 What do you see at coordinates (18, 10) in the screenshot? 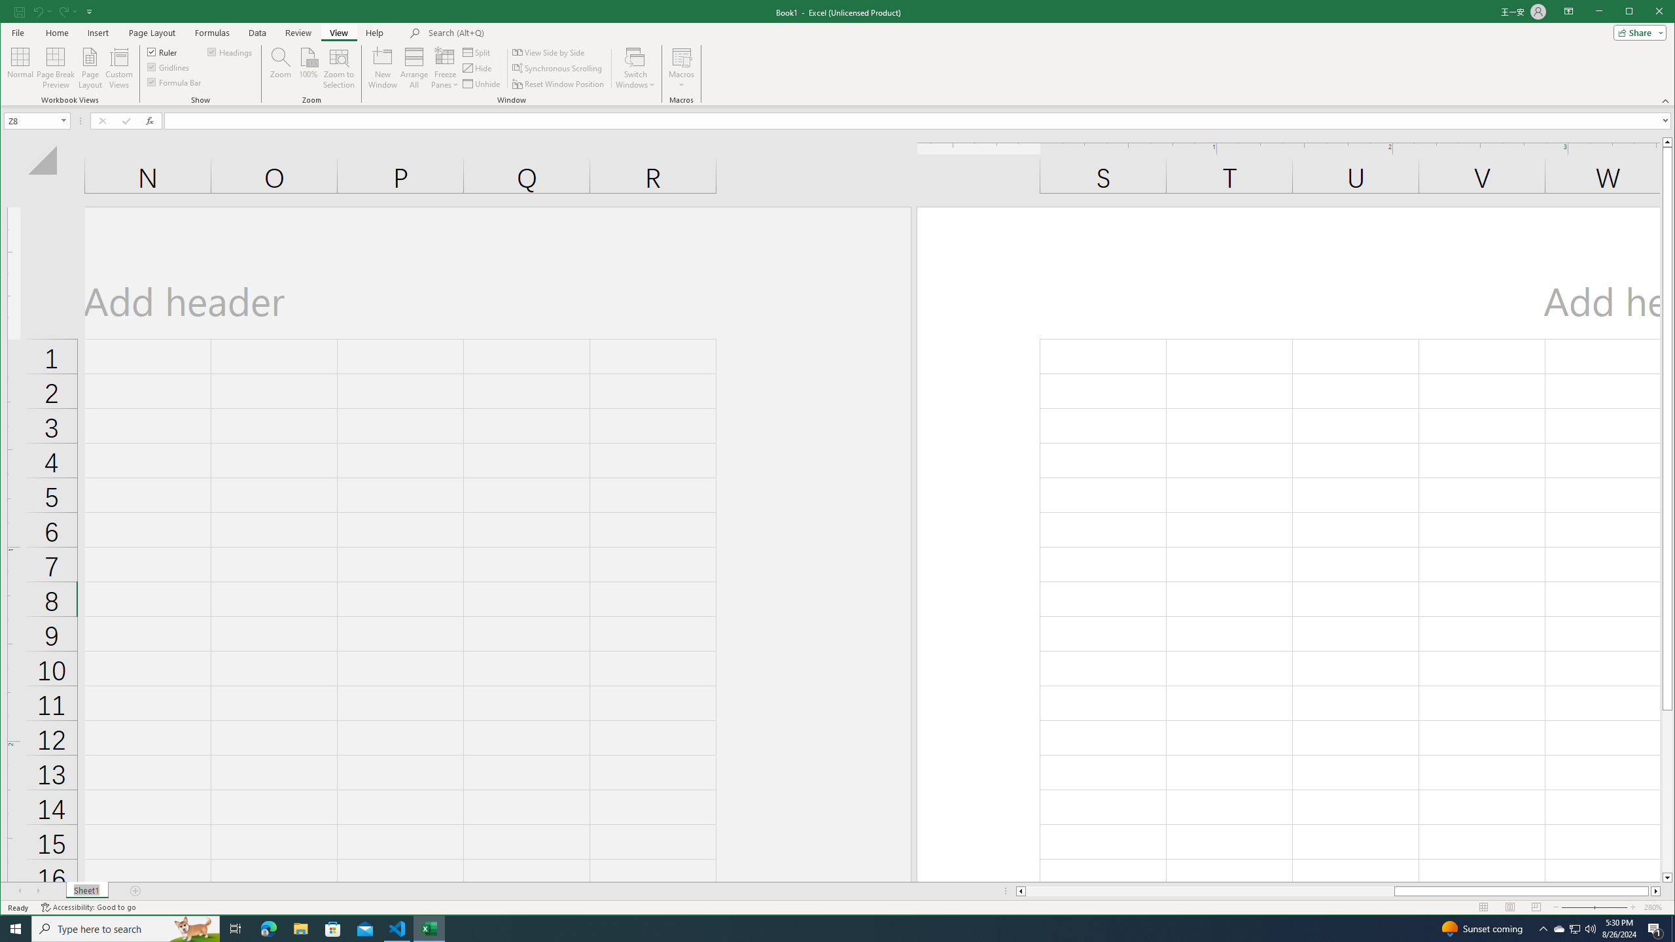
I see `'Save'` at bounding box center [18, 10].